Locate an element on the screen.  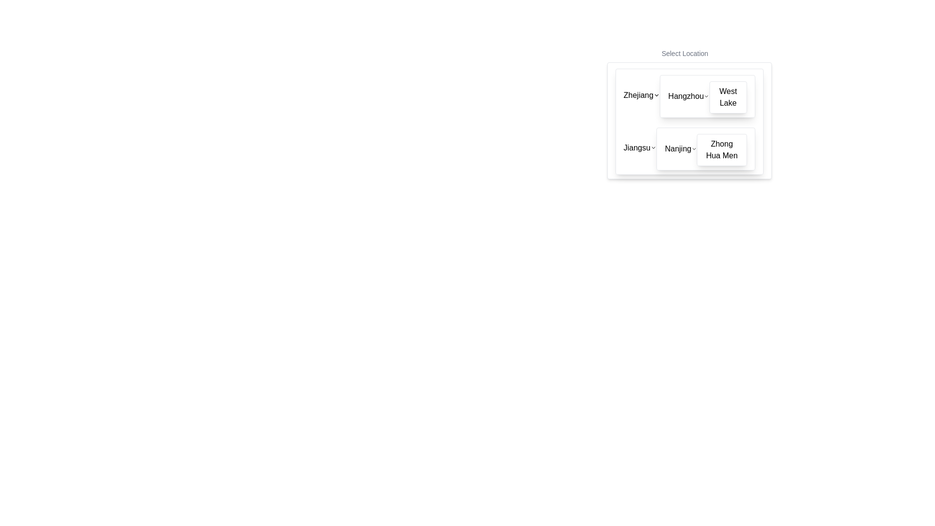
the Chevron icon (dropdown indicator) located to the right of the text 'Zhejiang' is located at coordinates (656, 95).